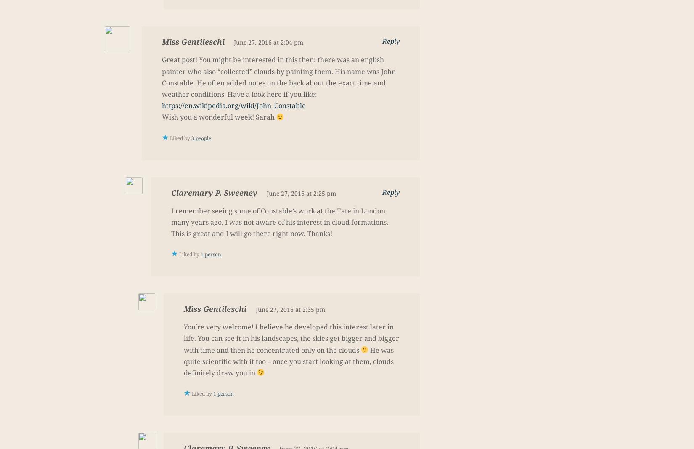 The image size is (694, 449). Describe the element at coordinates (301, 192) in the screenshot. I see `'June 27, 2016 at 2:25 pm'` at that location.